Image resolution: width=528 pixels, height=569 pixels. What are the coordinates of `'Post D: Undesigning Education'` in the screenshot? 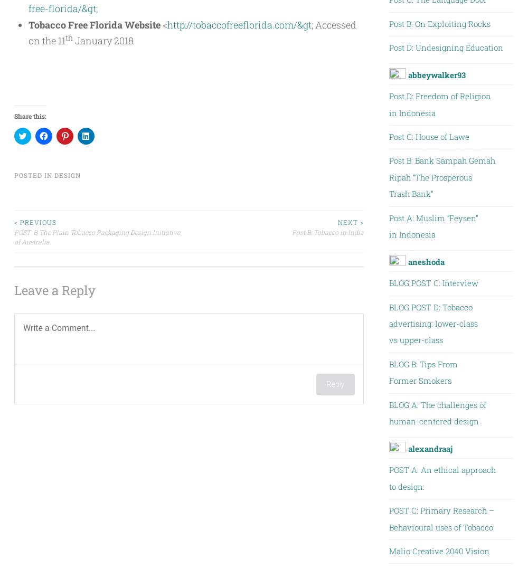 It's located at (388, 46).